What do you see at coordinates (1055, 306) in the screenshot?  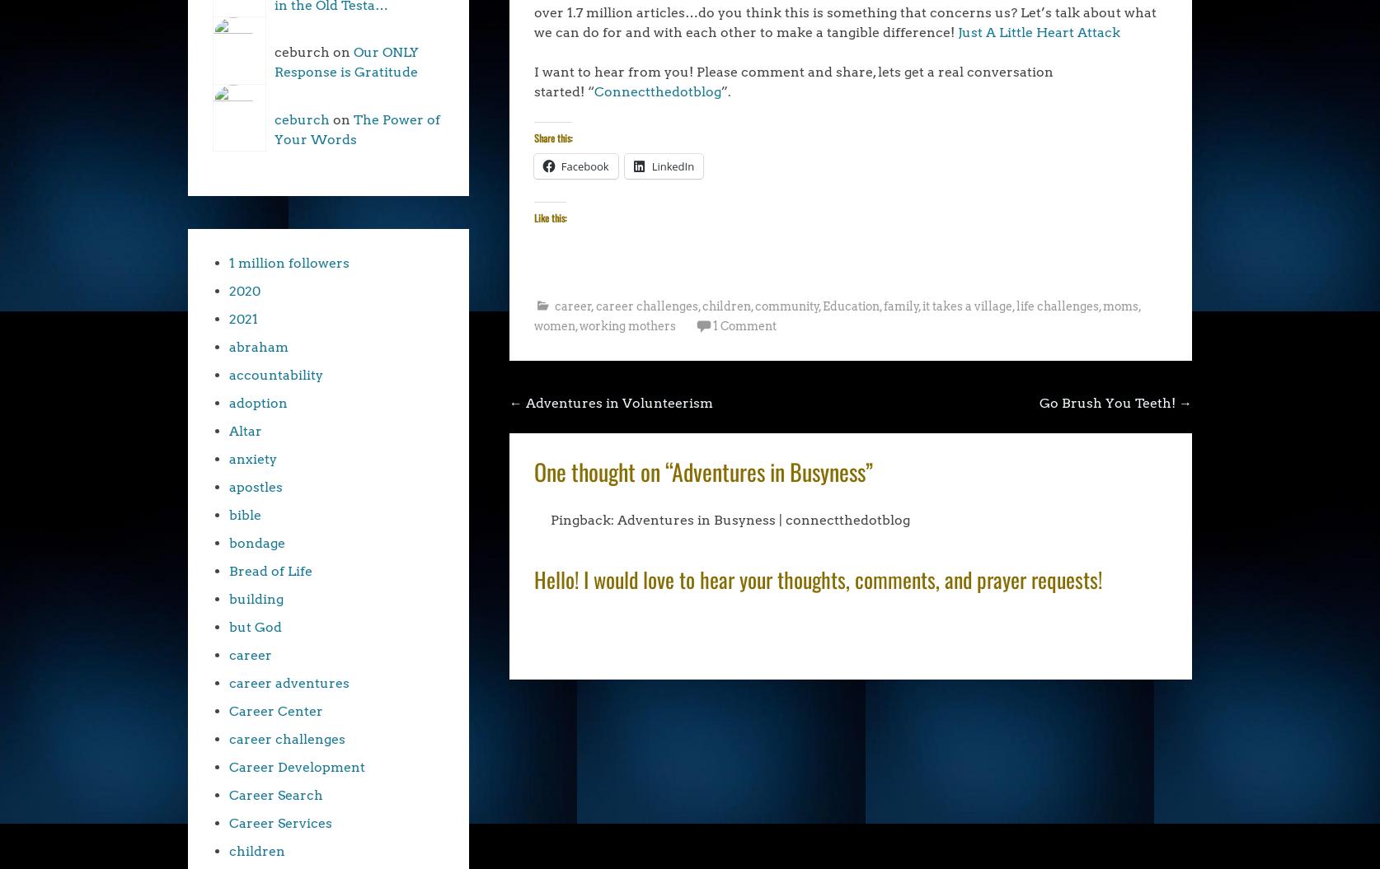 I see `'life challenges'` at bounding box center [1055, 306].